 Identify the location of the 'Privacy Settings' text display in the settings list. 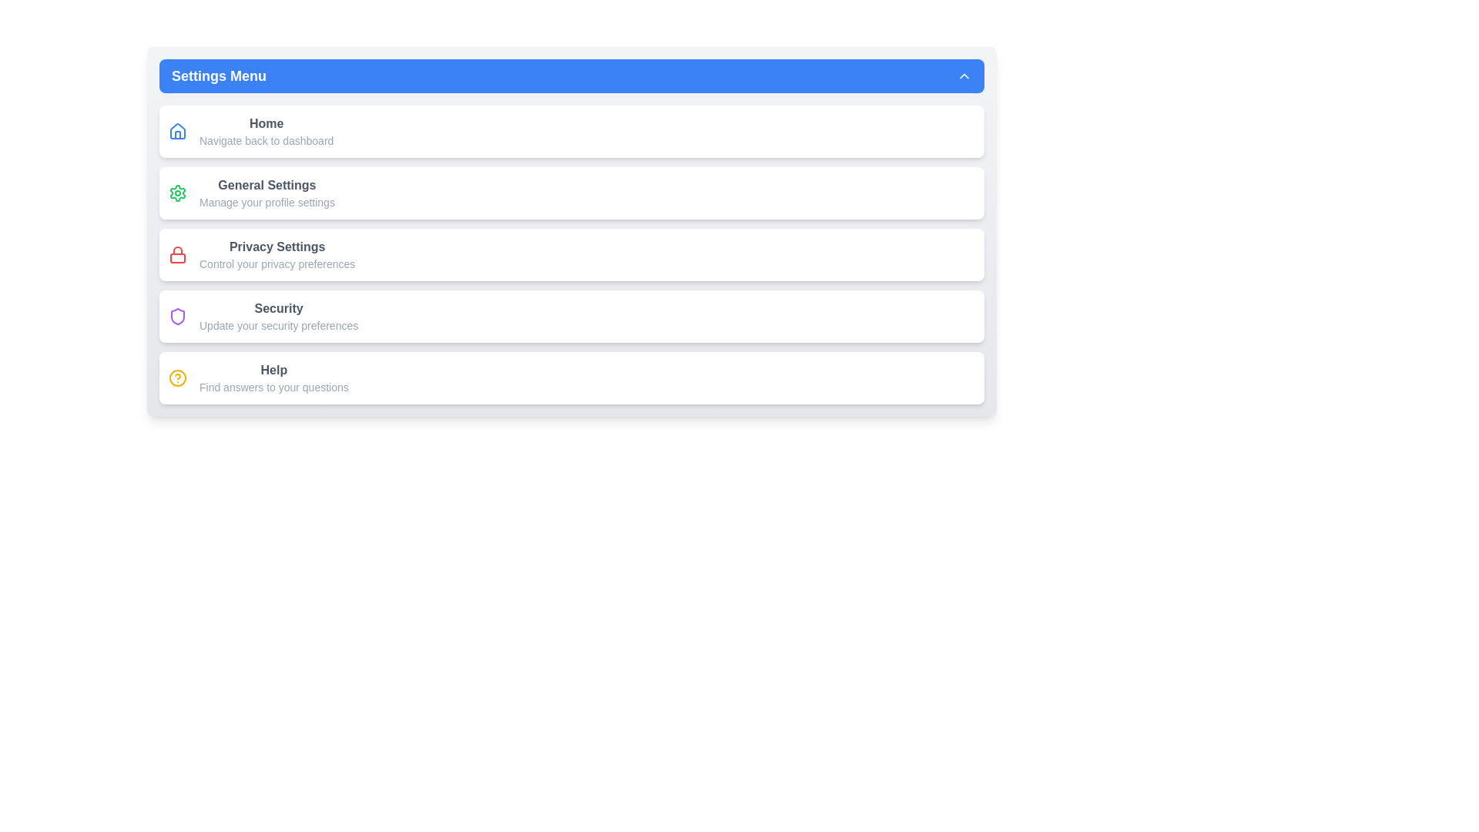
(277, 254).